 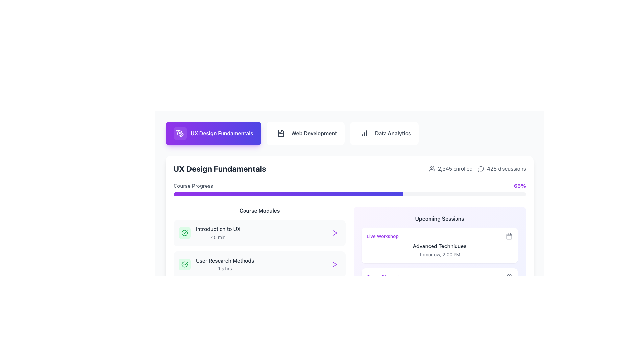 I want to click on the small circular icon featuring a check mark inside a green circle located on the leftmost side of the 'User Research Methods' module section, adjacent to the text 'User Research Methods' and '1.5 hrs', so click(x=184, y=264).